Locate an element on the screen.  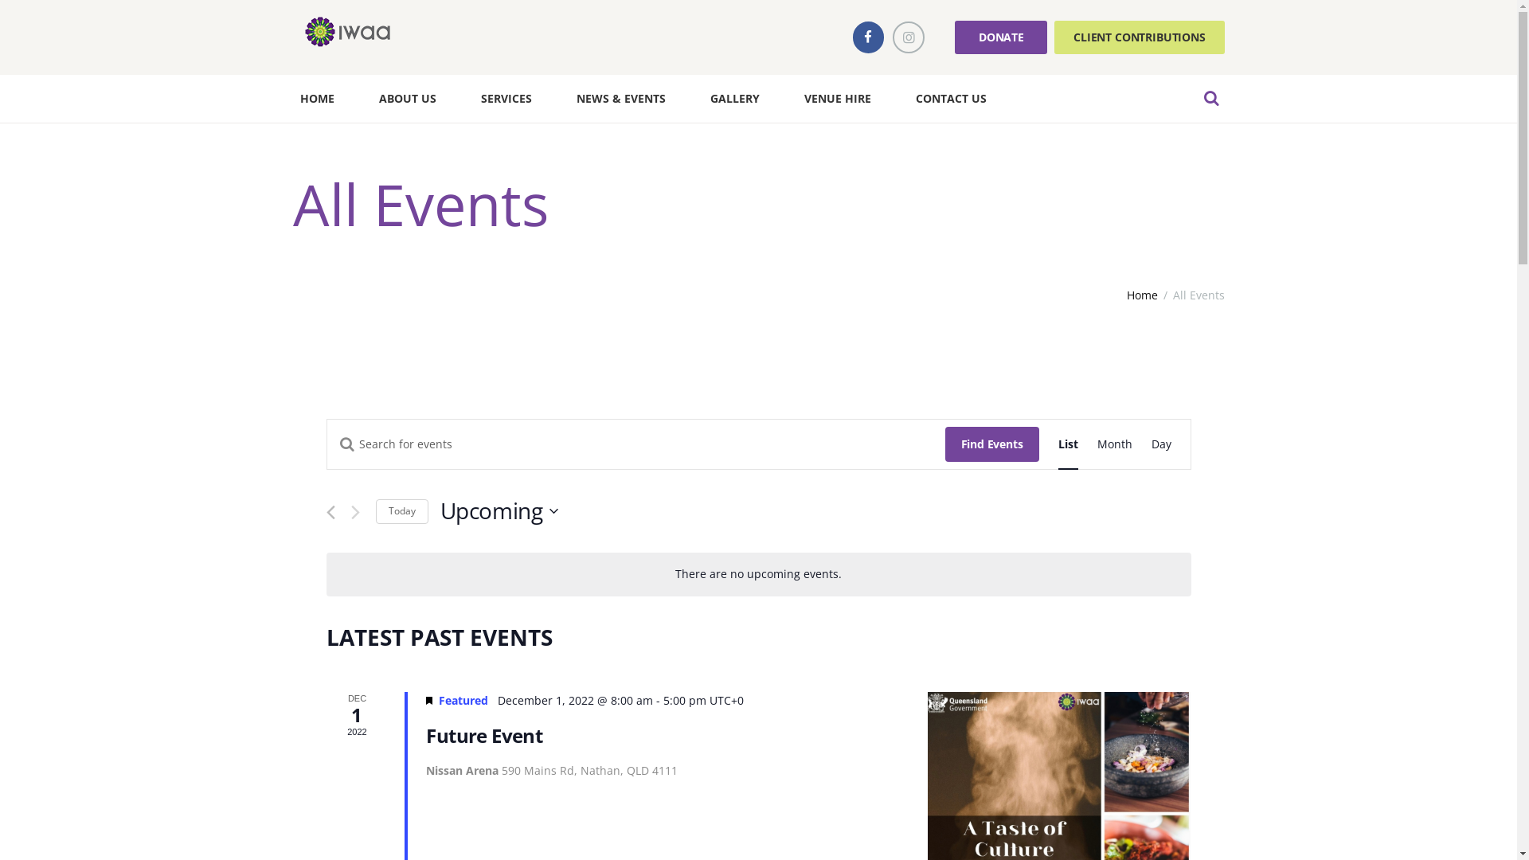
'NEWS & EVENTS' is located at coordinates (554, 98).